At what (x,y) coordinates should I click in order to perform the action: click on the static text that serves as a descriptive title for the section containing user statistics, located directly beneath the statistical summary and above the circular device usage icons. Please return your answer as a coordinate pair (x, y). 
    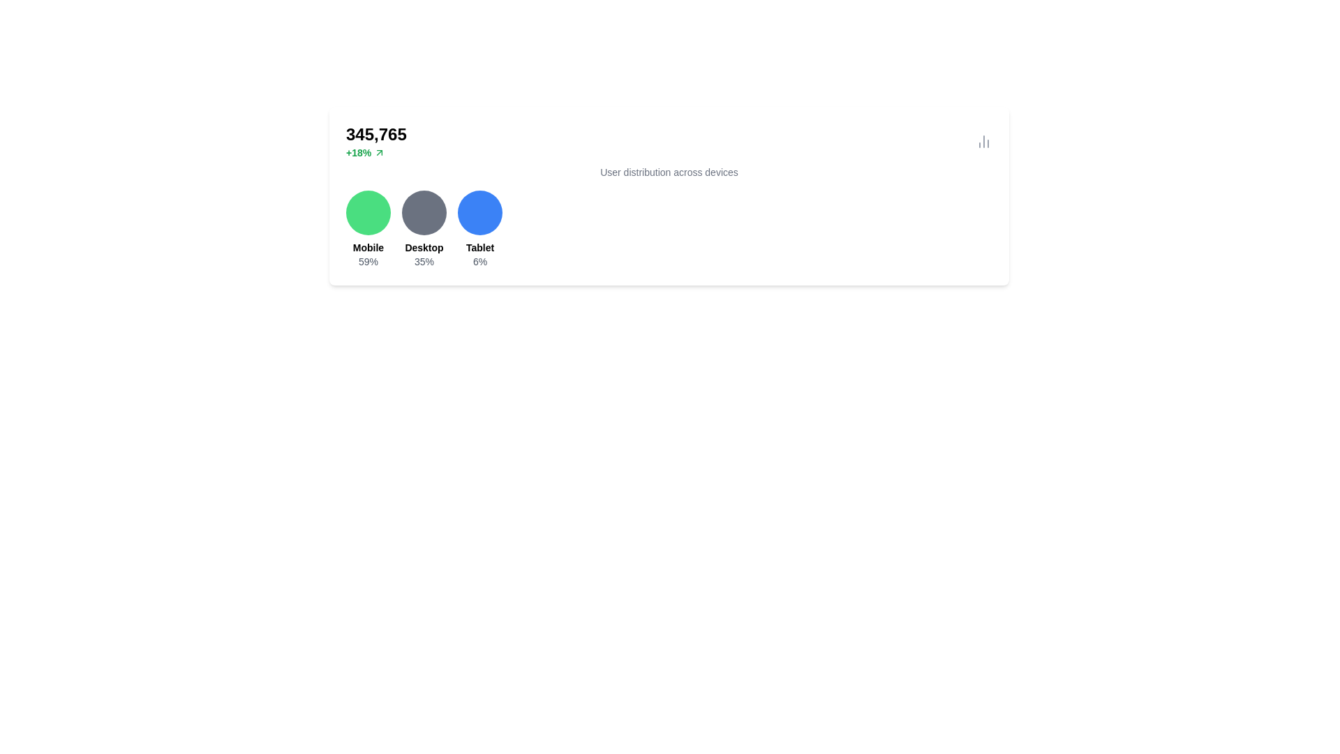
    Looking at the image, I should click on (669, 171).